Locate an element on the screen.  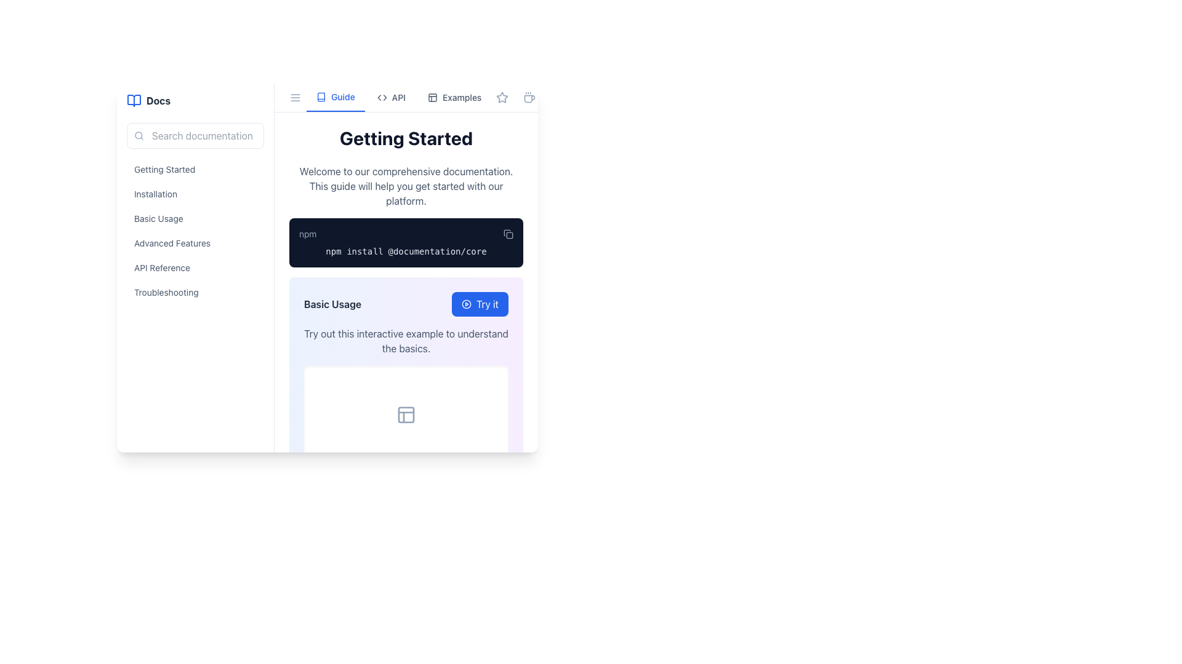
the copy icon button, which resembles a stack of two squares with rounded corners, located to the right of the 'npm' text in the top-right corner of a dark background rectangle is located at coordinates (508, 234).